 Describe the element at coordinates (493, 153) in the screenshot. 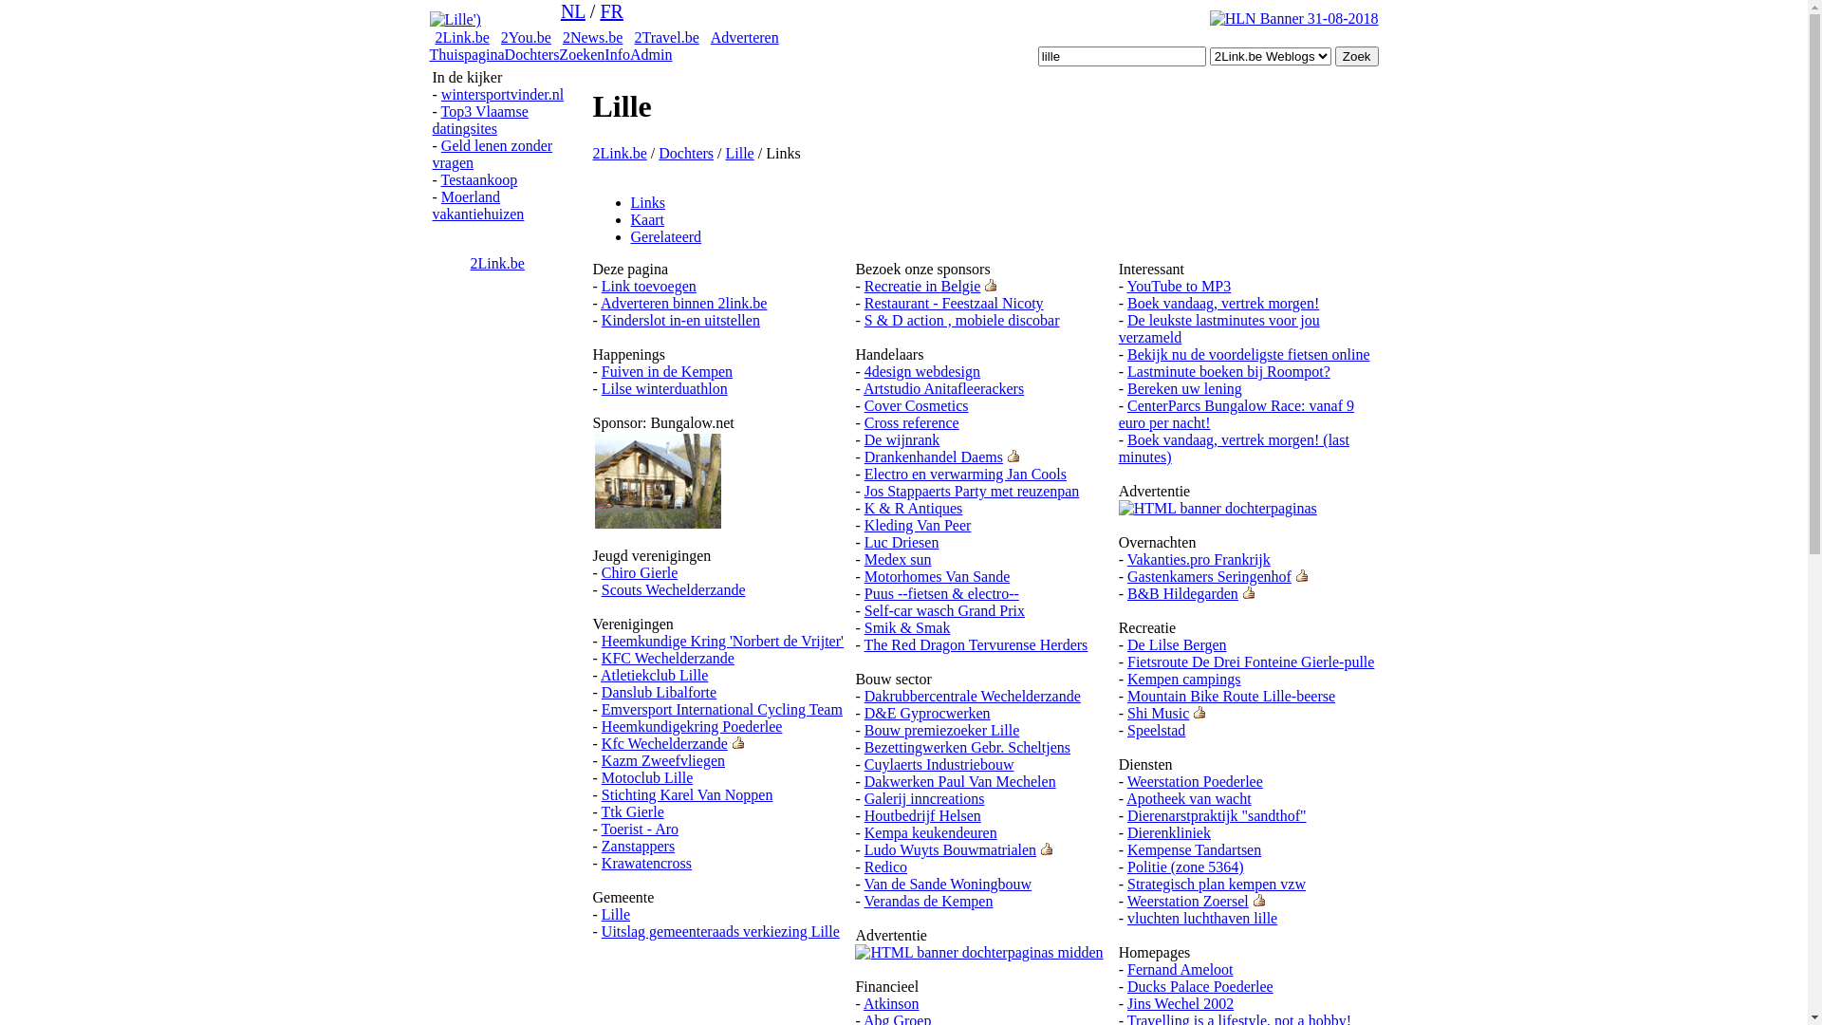

I see `'Geld lenen zonder vragen'` at that location.